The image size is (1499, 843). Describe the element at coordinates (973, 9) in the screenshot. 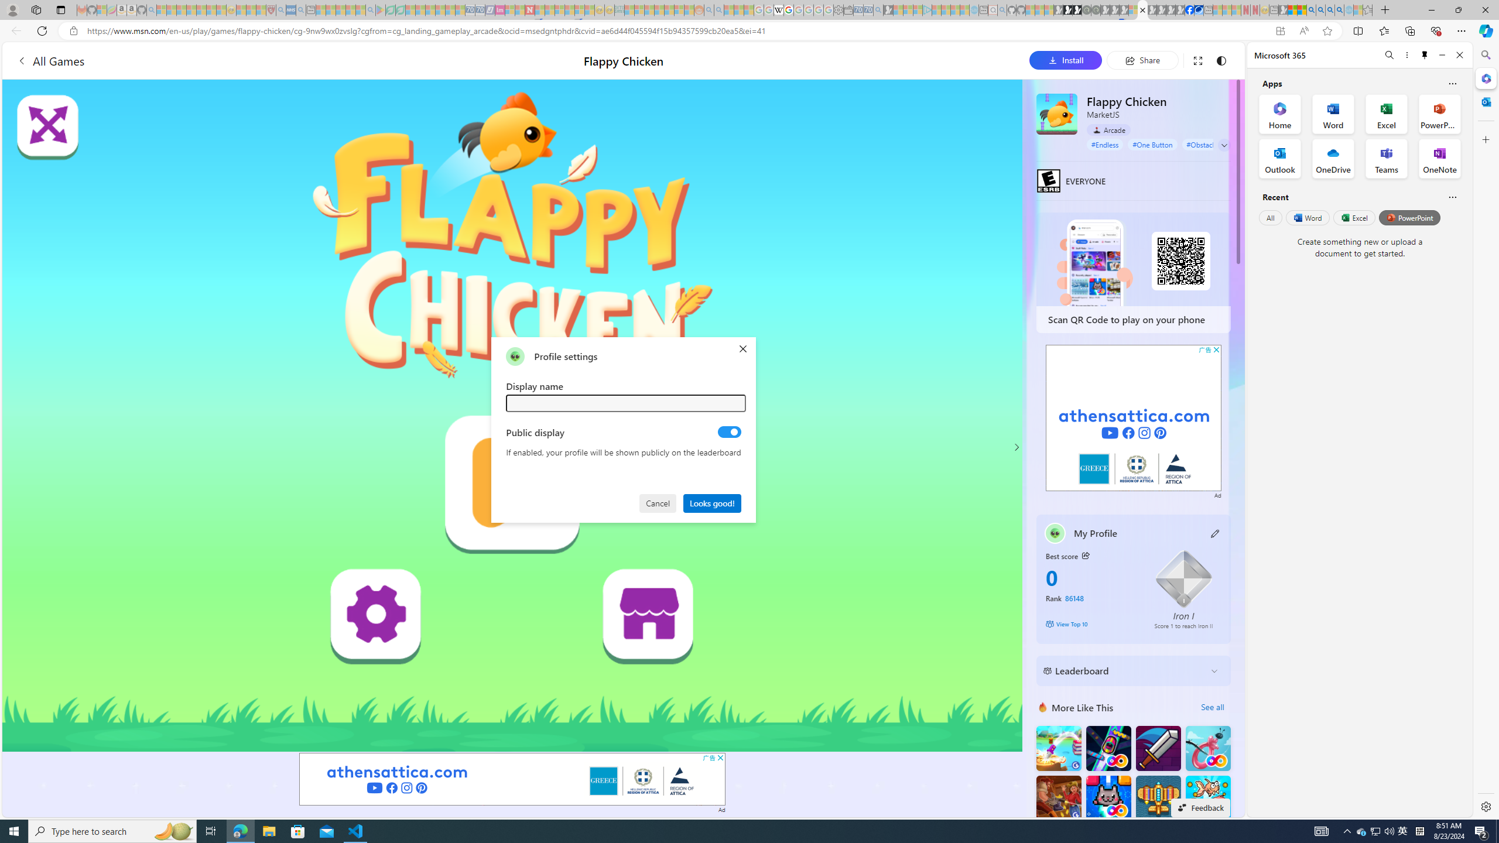

I see `'Home | Sky Blue Bikes - Sky Blue Bikes - Sleeping'` at that location.